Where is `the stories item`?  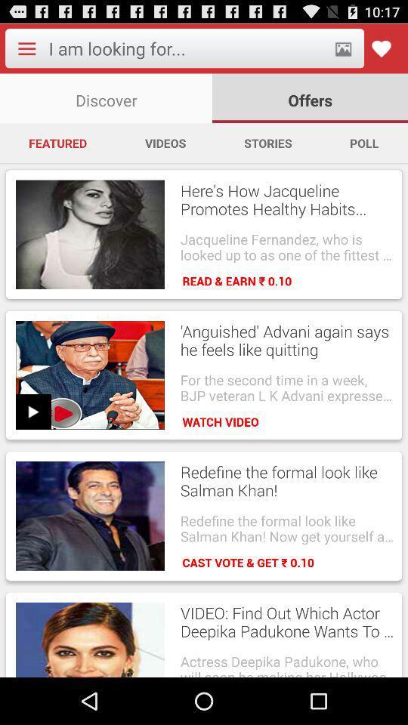 the stories item is located at coordinates (267, 143).